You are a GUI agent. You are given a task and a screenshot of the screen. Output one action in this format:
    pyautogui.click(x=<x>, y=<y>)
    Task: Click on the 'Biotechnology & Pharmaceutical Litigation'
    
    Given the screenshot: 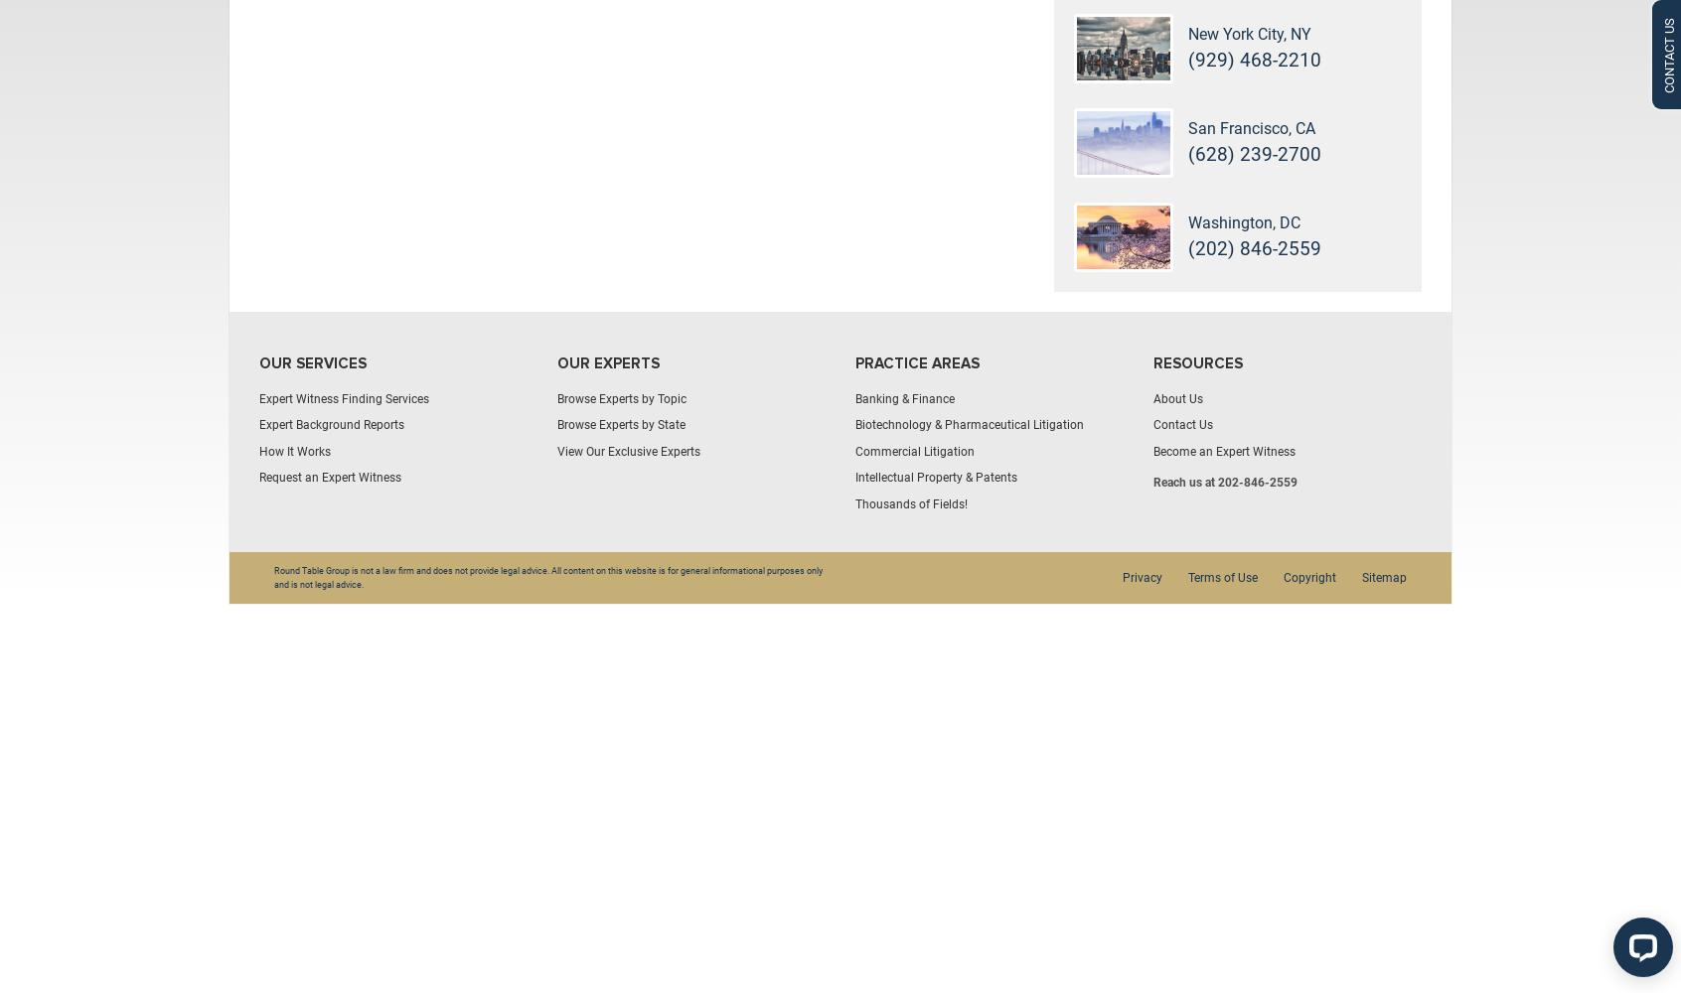 What is the action you would take?
    pyautogui.click(x=854, y=425)
    